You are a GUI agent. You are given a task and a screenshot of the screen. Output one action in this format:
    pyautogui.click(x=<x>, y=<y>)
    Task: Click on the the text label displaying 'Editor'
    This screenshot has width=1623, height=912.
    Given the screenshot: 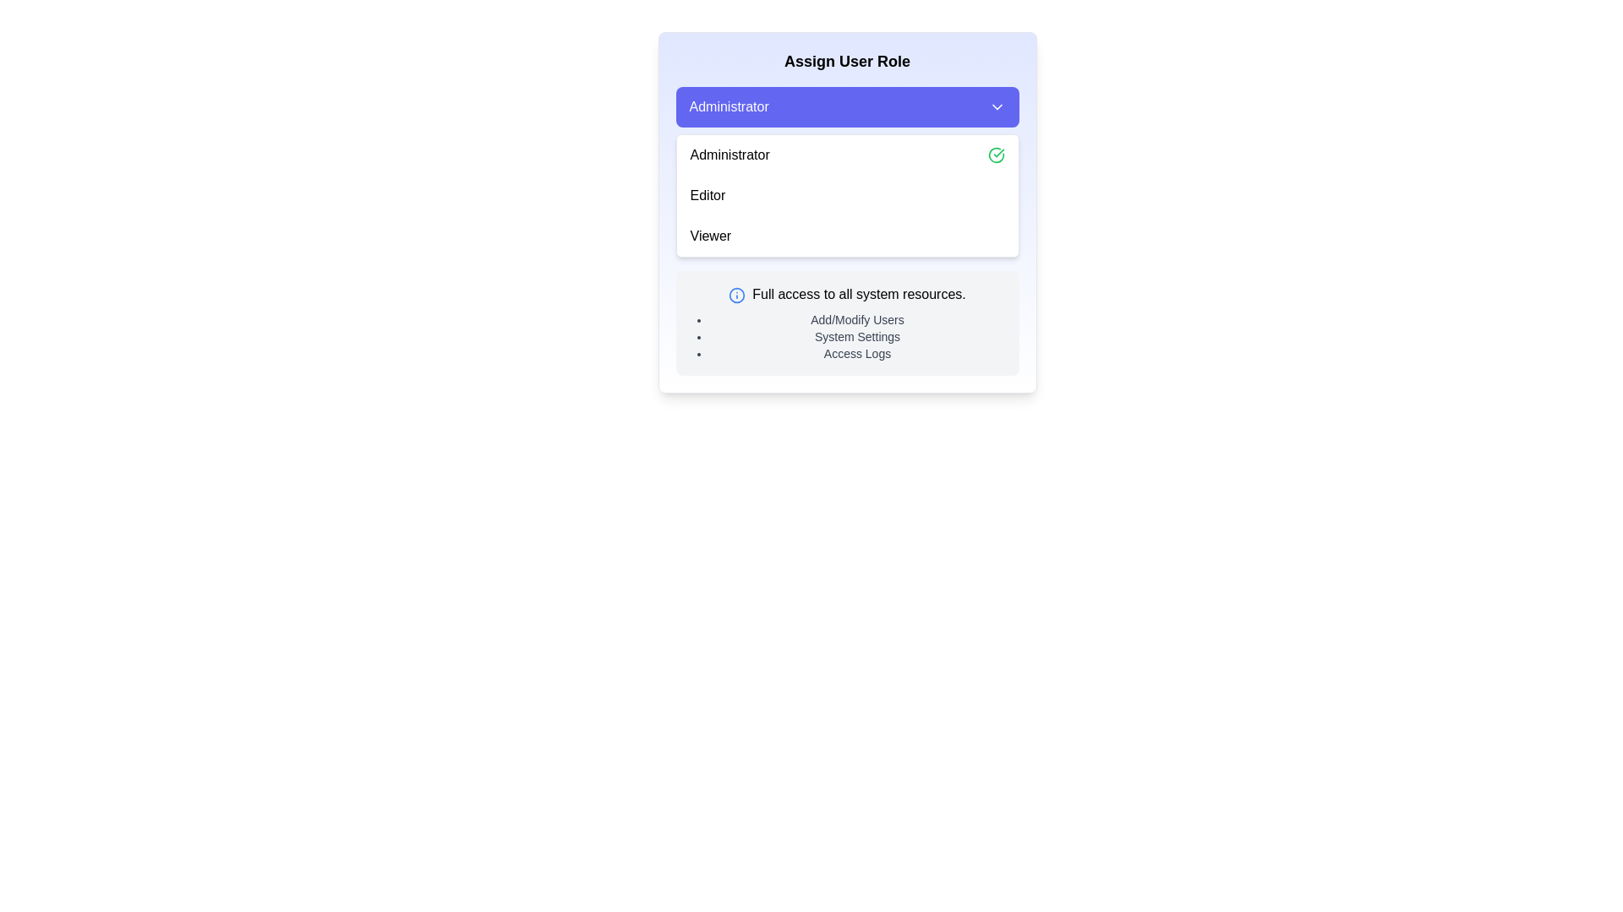 What is the action you would take?
    pyautogui.click(x=708, y=194)
    